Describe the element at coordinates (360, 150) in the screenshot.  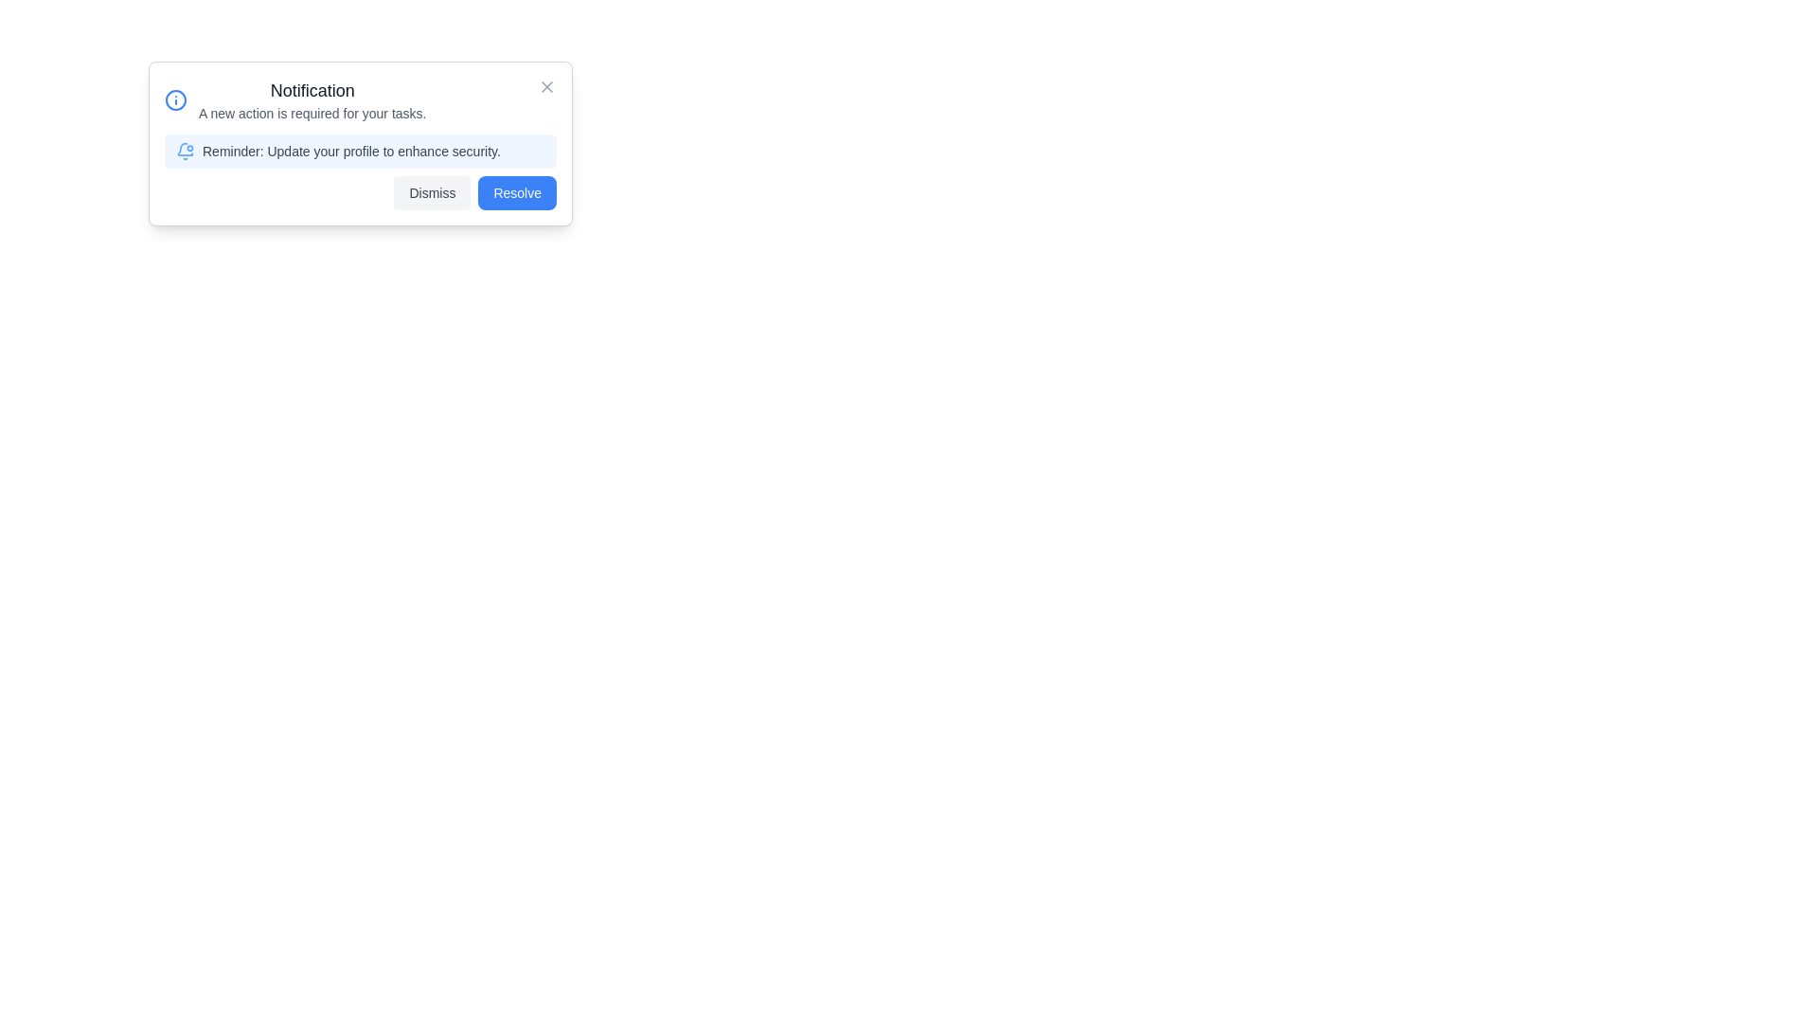
I see `the notification message that reads 'Reminder: Update your profile to enhance security.' which is displayed in a slightly bold, dark-grayish font on a pale blue background, located at the top of the notification popup` at that location.